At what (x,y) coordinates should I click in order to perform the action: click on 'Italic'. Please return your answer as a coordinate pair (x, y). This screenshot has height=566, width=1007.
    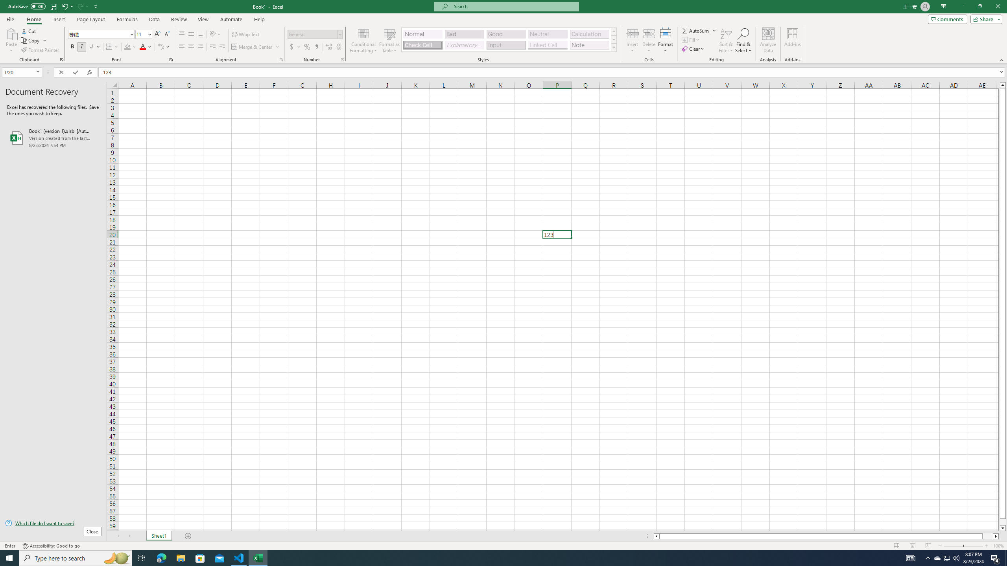
    Looking at the image, I should click on (81, 46).